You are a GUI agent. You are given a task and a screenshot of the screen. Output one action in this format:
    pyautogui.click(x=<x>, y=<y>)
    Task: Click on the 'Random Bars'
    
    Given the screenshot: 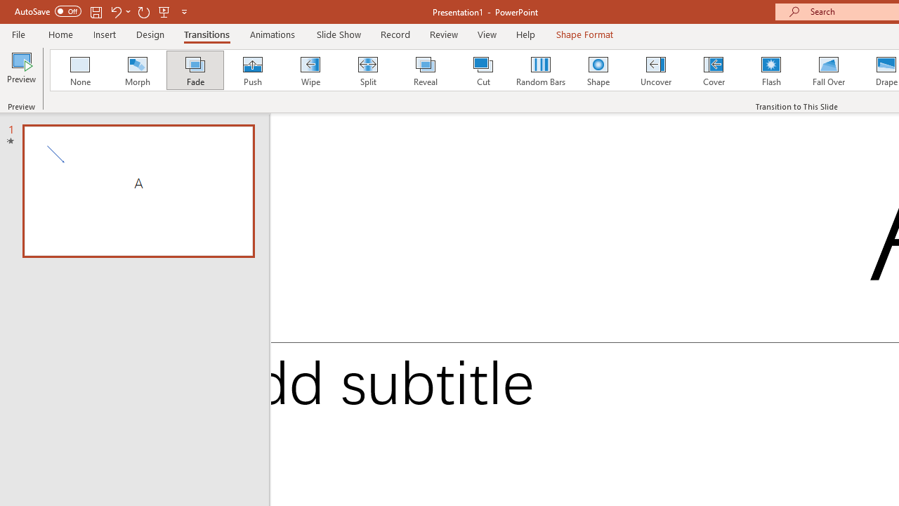 What is the action you would take?
    pyautogui.click(x=540, y=70)
    